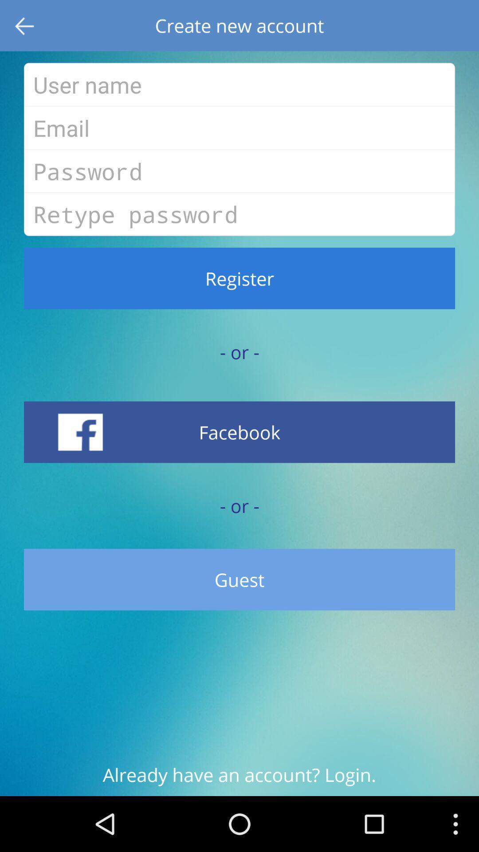 The width and height of the screenshot is (479, 852). What do you see at coordinates (239, 779) in the screenshot?
I see `the item below guest` at bounding box center [239, 779].